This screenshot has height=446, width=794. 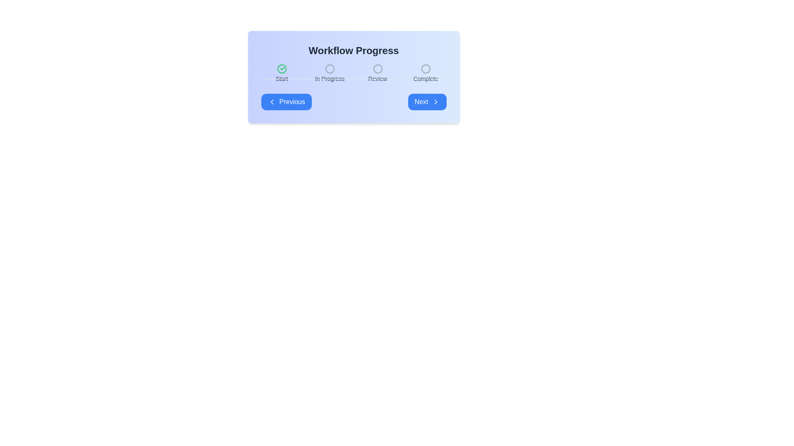 What do you see at coordinates (272, 101) in the screenshot?
I see `the chevron icon located to the left of the 'Previous' button in the lower-left corner of the workflow interface` at bounding box center [272, 101].